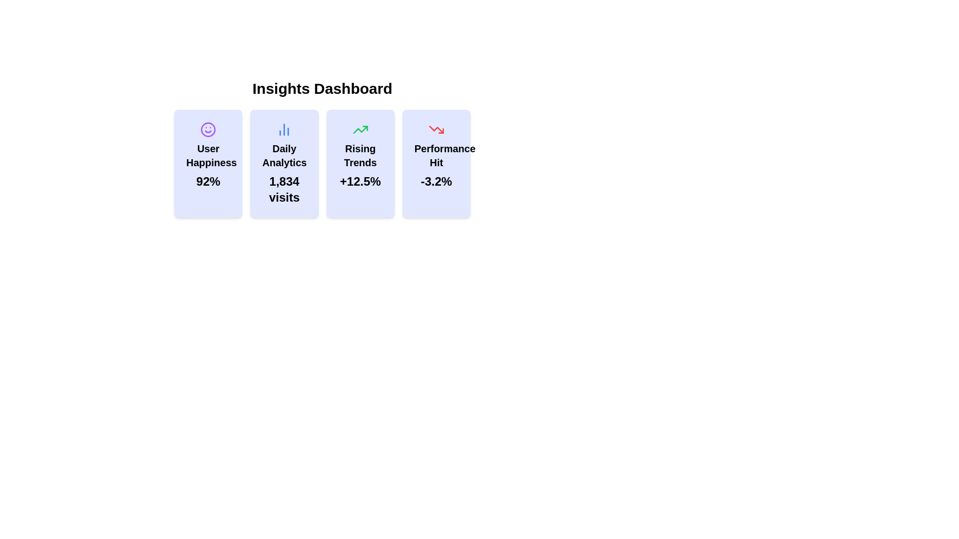 The height and width of the screenshot is (539, 959). What do you see at coordinates (360, 181) in the screenshot?
I see `value displayed in the text component showing '+12.5%' located below the 'Rising Trends' heading in the third card of four cards` at bounding box center [360, 181].